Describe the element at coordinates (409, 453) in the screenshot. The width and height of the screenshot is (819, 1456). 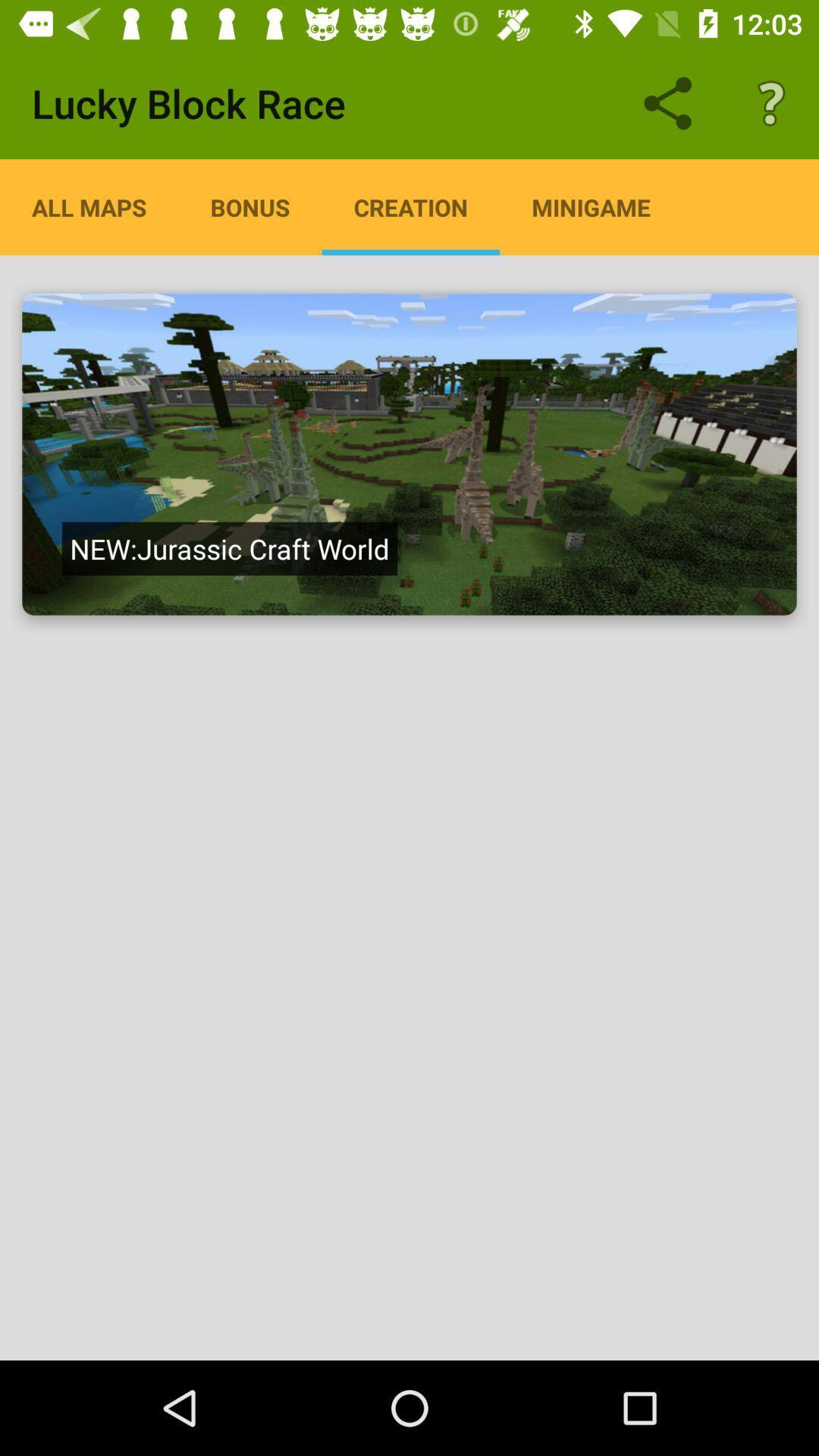
I see `creation` at that location.